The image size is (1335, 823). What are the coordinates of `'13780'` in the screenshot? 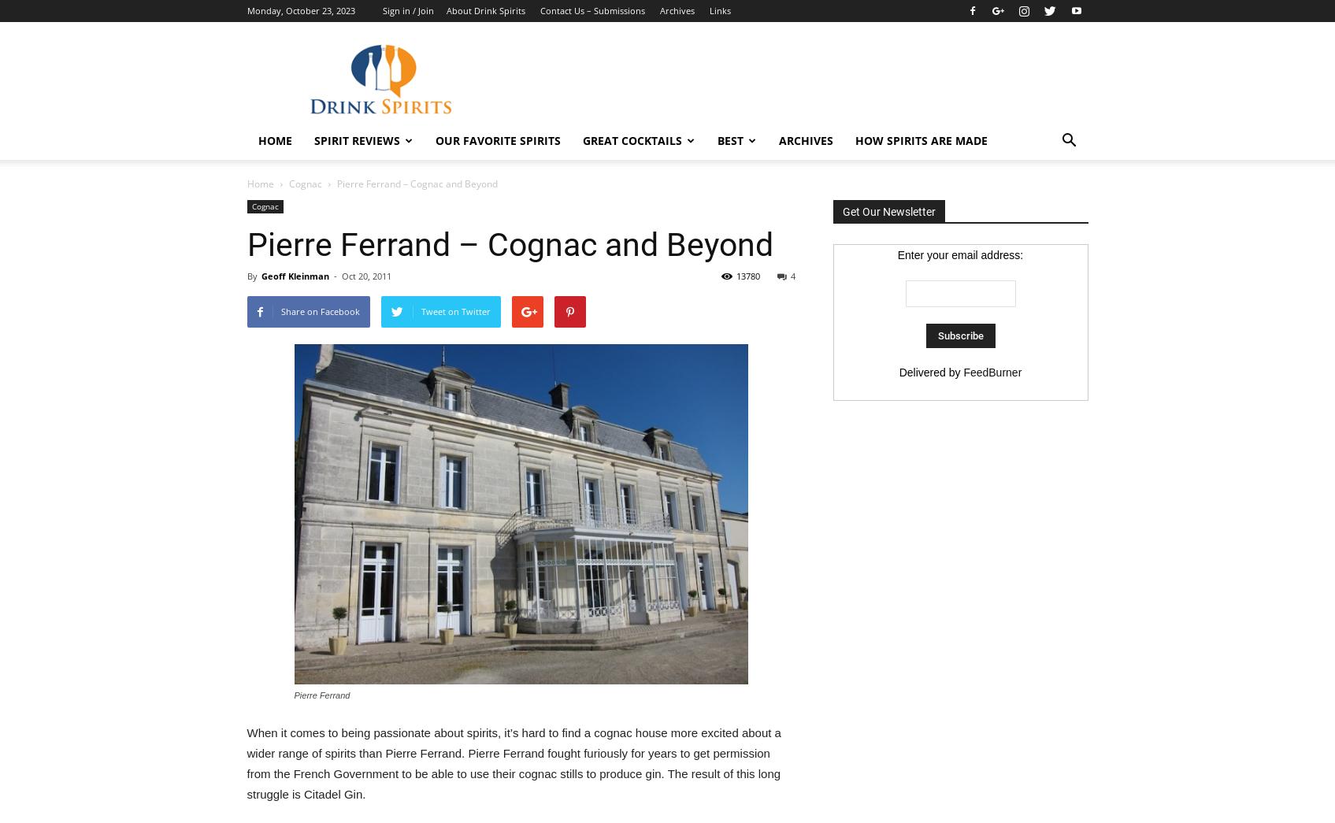 It's located at (735, 275).